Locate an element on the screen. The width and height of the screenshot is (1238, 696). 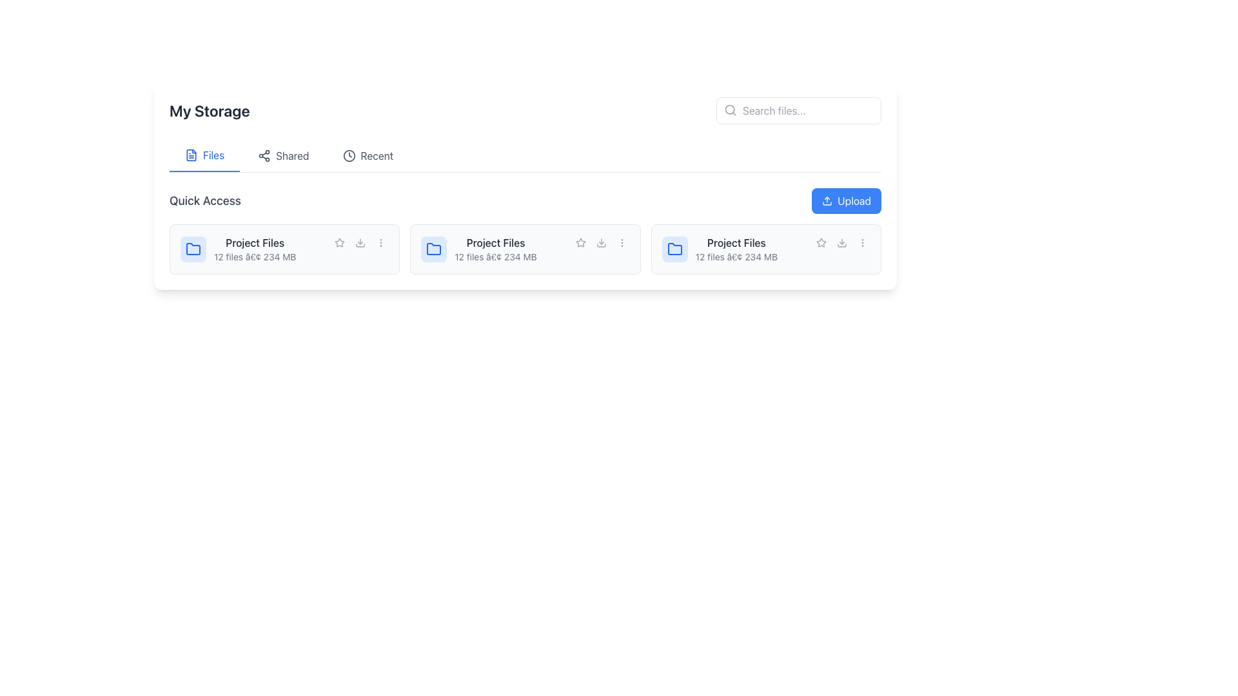
the folder icon located within a light blue rounded rectangle background in the second box of the Quick Access grid is located at coordinates (674, 249).